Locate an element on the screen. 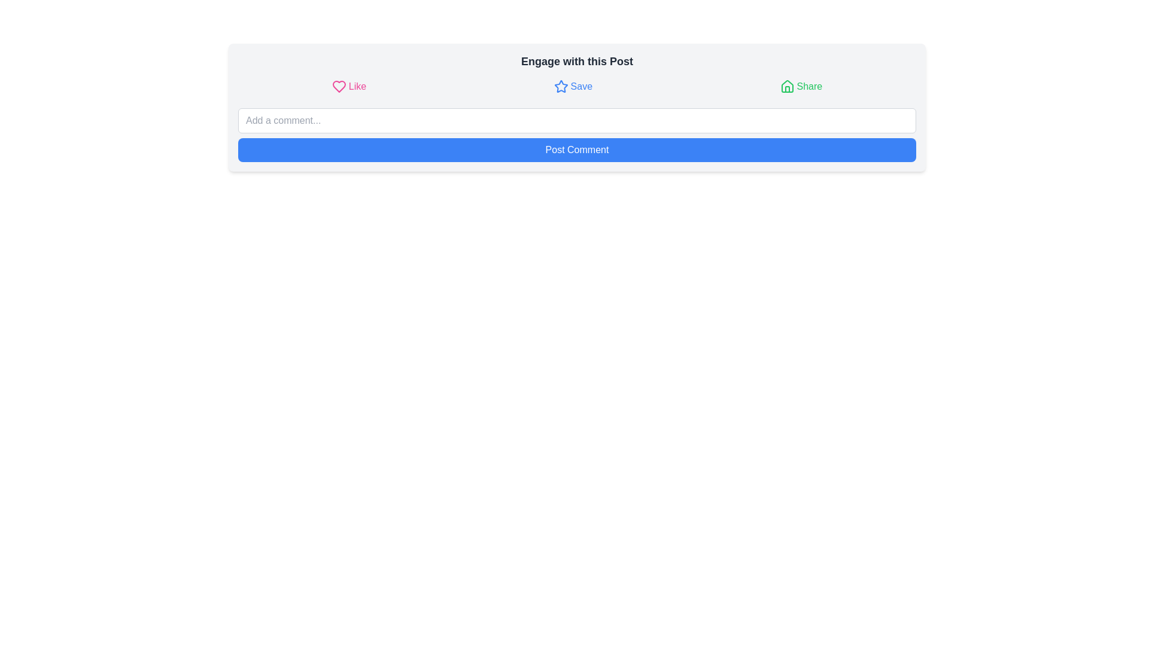 The width and height of the screenshot is (1149, 646). the submit button located below the 'Add a comment...' text input field is located at coordinates (577, 149).